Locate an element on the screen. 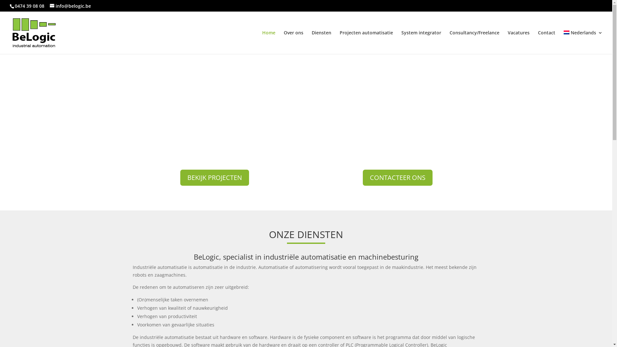 Image resolution: width=617 pixels, height=347 pixels. 'CONTACTEER ONS' is located at coordinates (397, 177).